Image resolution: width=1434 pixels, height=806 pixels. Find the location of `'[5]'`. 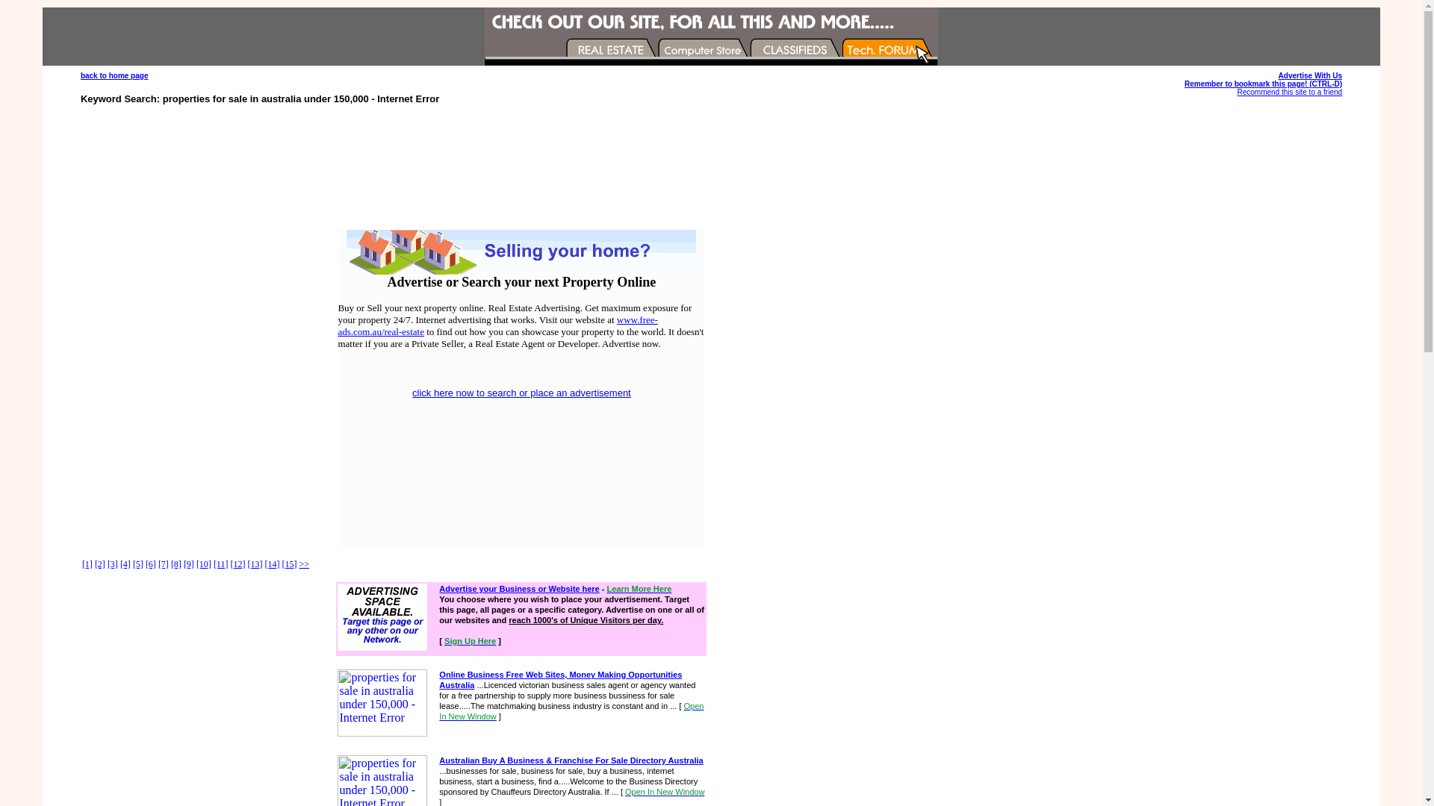

'[5]' is located at coordinates (138, 564).